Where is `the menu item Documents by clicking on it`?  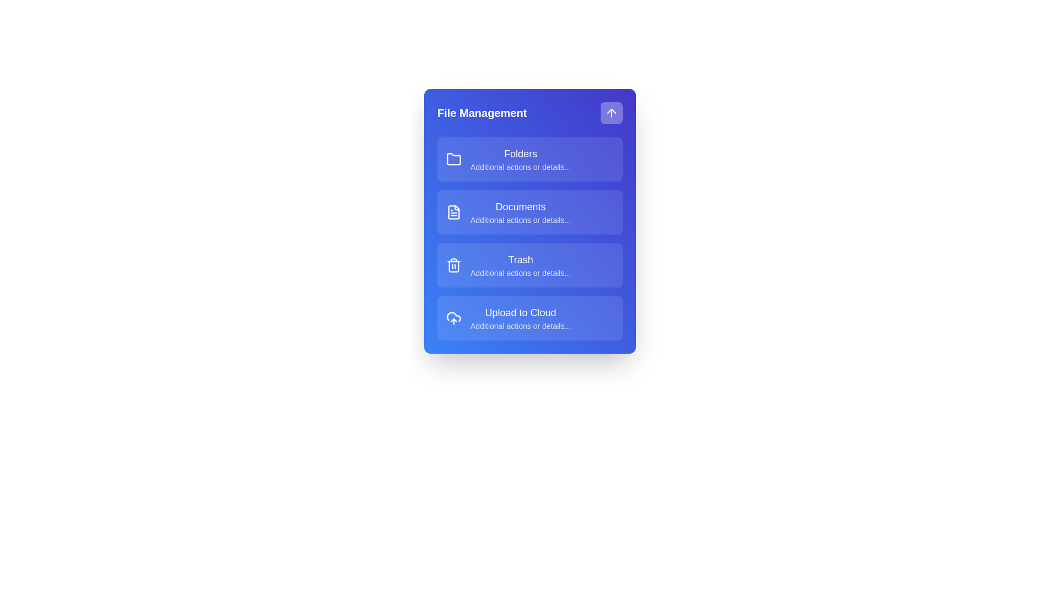
the menu item Documents by clicking on it is located at coordinates (529, 212).